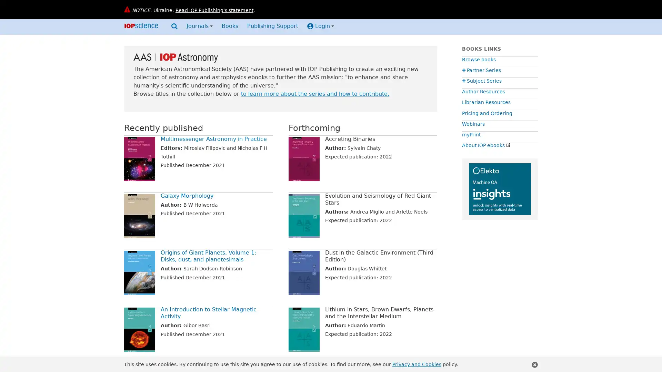 This screenshot has height=372, width=662. I want to click on Subject Series, so click(481, 81).